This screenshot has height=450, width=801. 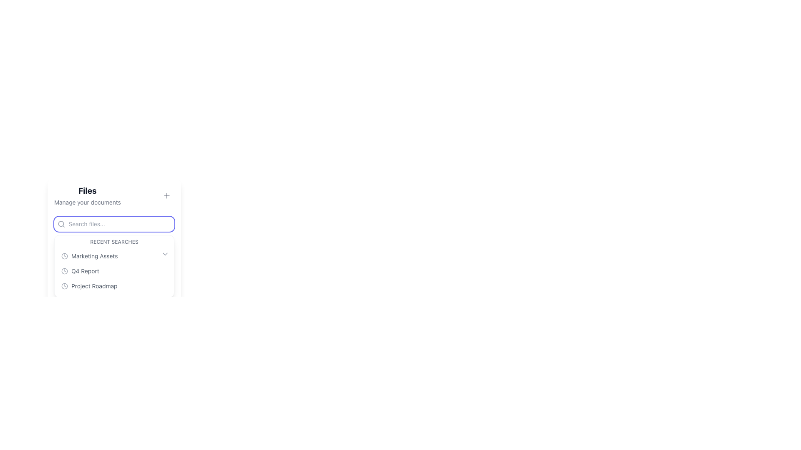 What do you see at coordinates (164, 289) in the screenshot?
I see `the three vertical dots button located at the far-right side of the 'Project Roadmap' list item in the 'RECENT SEARCHES' section` at bounding box center [164, 289].